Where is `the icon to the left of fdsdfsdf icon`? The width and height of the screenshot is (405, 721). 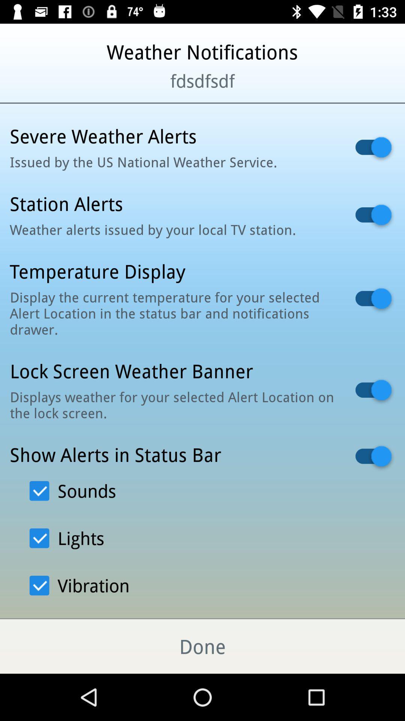
the icon to the left of fdsdfsdf icon is located at coordinates (49, 90).